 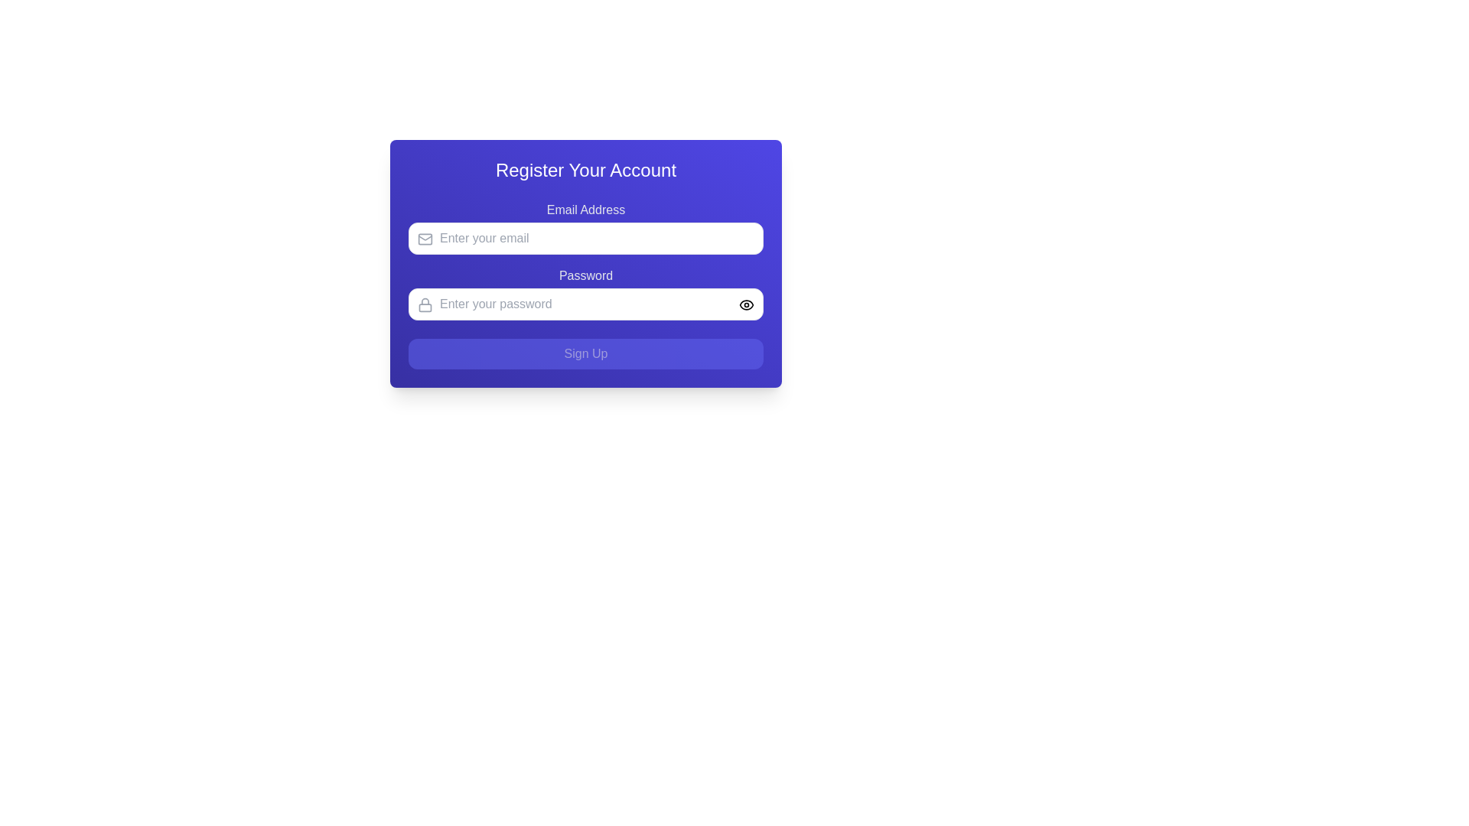 I want to click on the input field for entering an email address, which is positioned below the 'Register Your Account' title and above the 'Password' field, so click(x=585, y=227).